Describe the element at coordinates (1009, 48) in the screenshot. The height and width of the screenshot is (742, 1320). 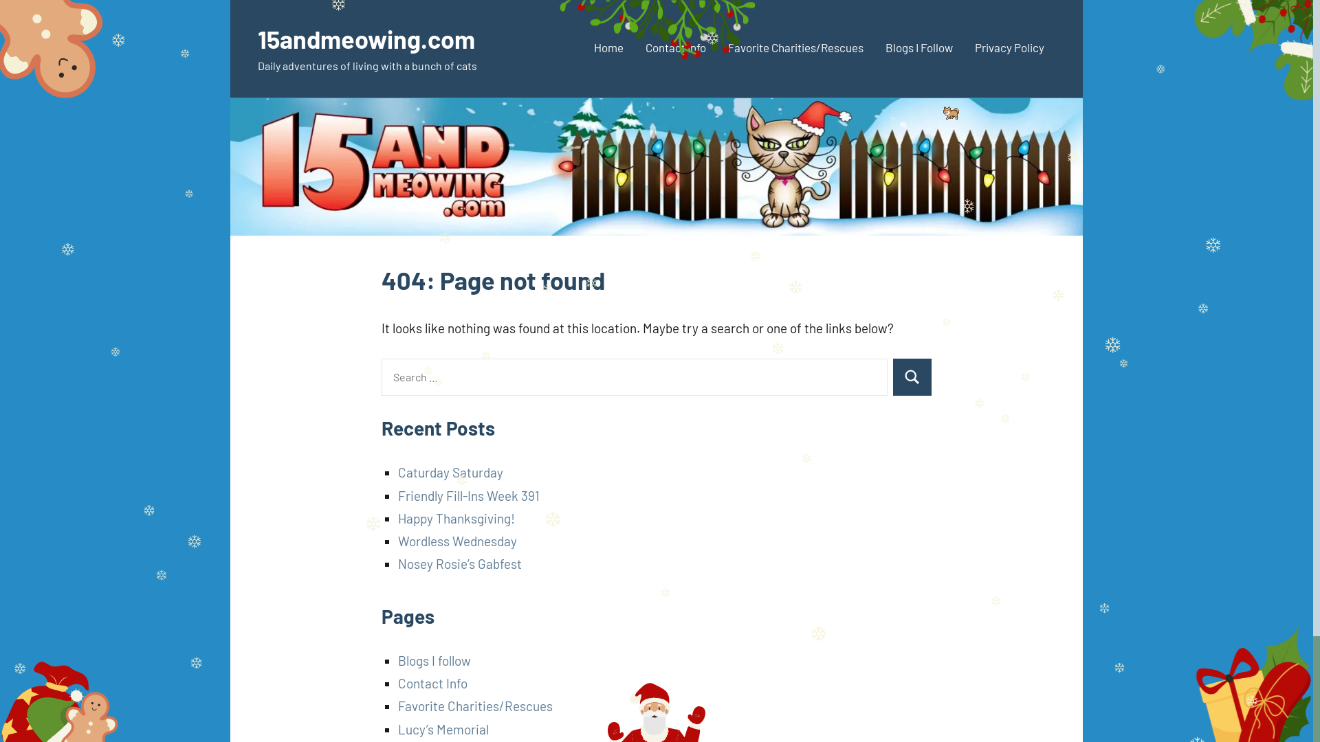
I see `'Privacy Policy'` at that location.